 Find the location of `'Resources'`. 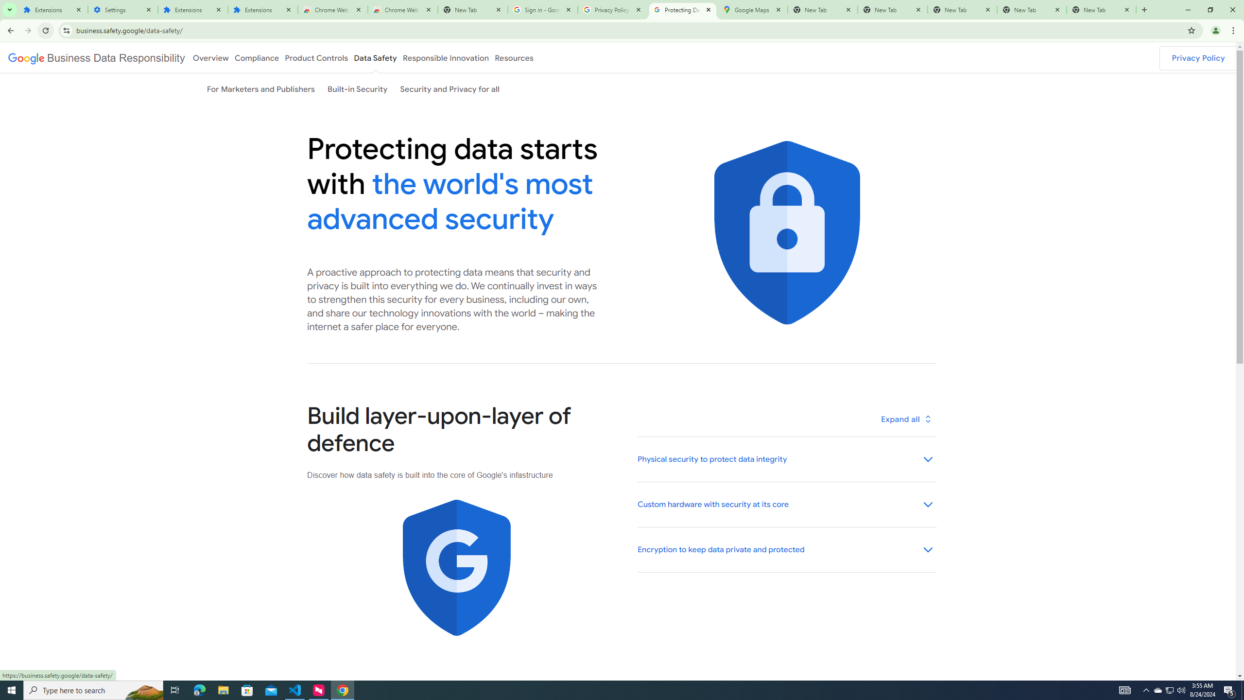

'Resources' is located at coordinates (514, 57).